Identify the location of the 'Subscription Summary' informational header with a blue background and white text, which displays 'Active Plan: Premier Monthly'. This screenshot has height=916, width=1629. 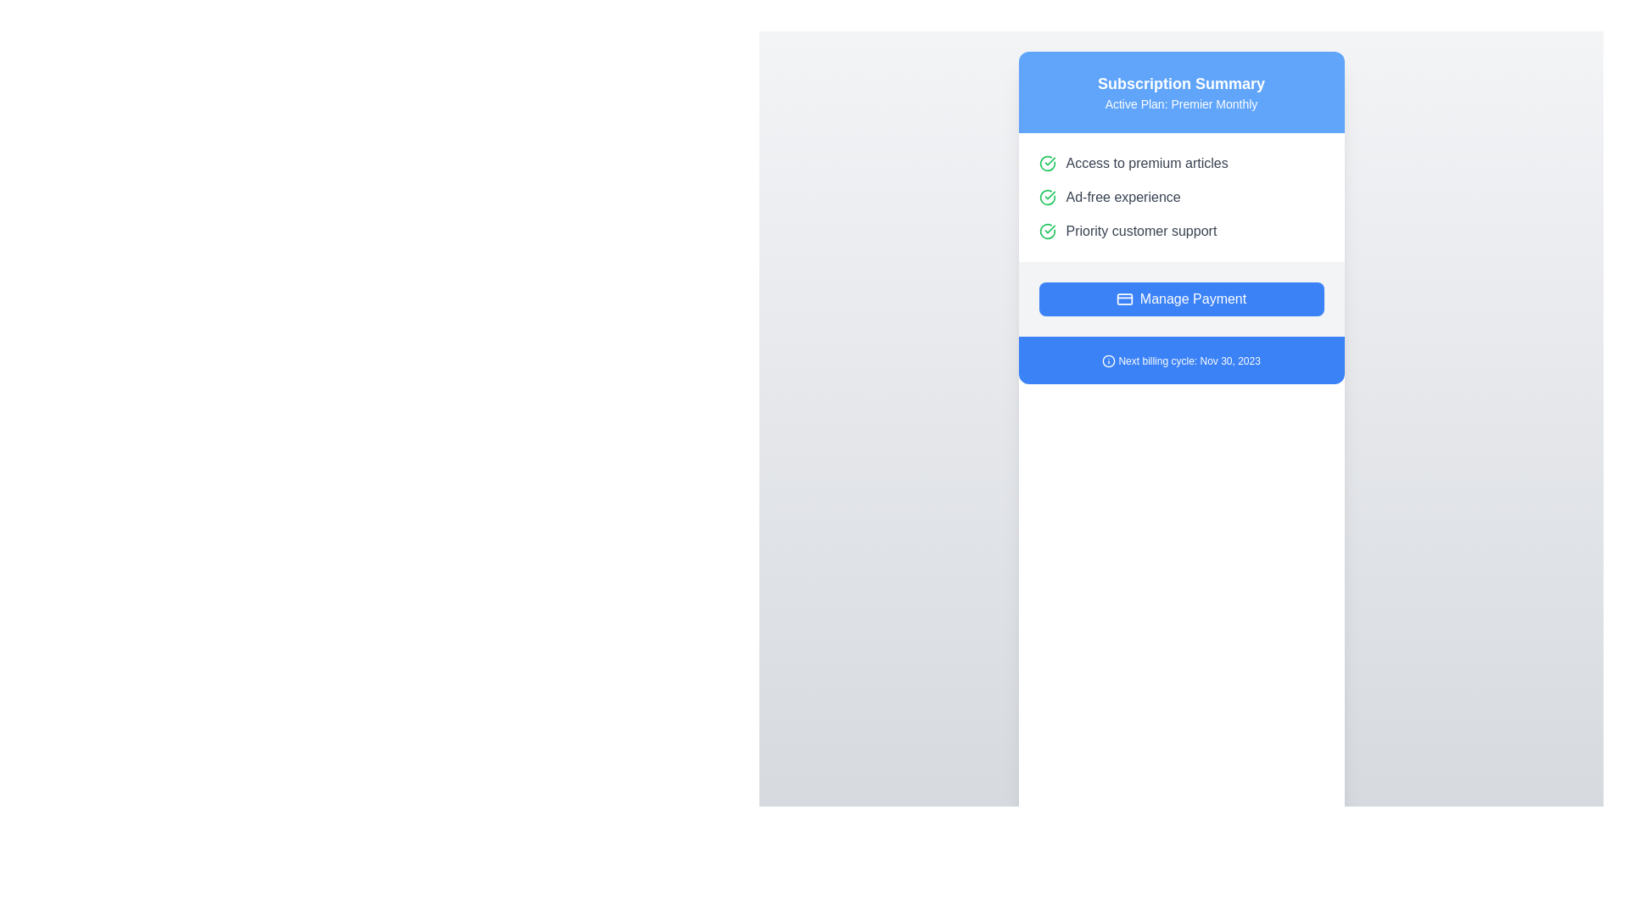
(1180, 92).